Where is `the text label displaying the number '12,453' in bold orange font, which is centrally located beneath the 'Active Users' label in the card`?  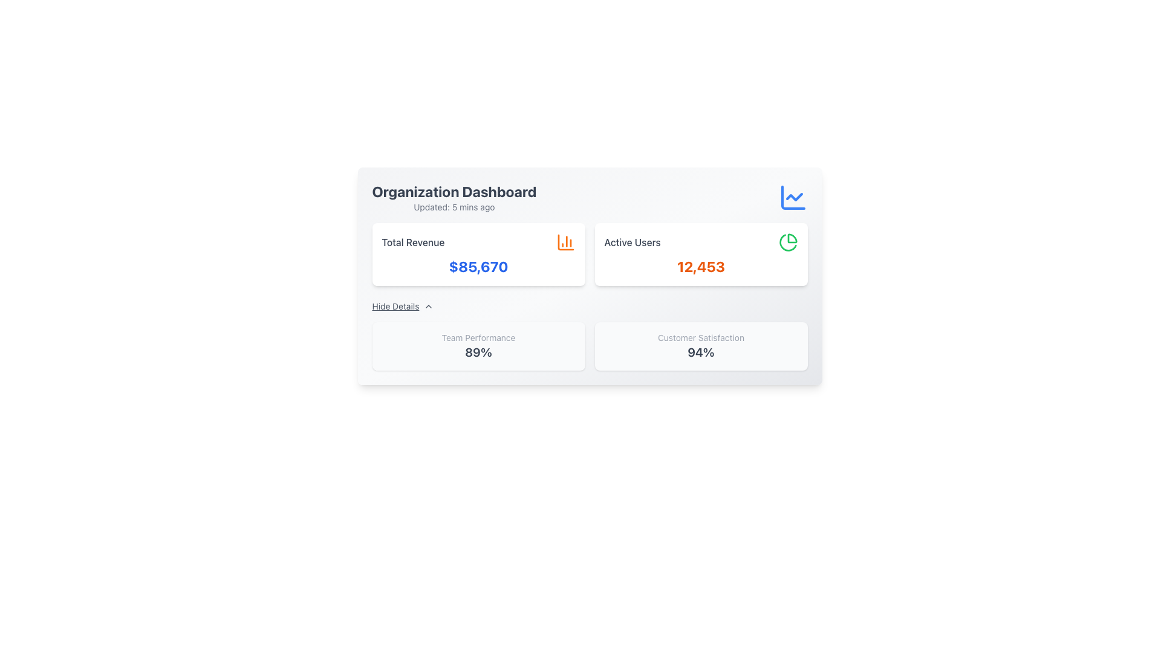 the text label displaying the number '12,453' in bold orange font, which is centrally located beneath the 'Active Users' label in the card is located at coordinates (701, 265).